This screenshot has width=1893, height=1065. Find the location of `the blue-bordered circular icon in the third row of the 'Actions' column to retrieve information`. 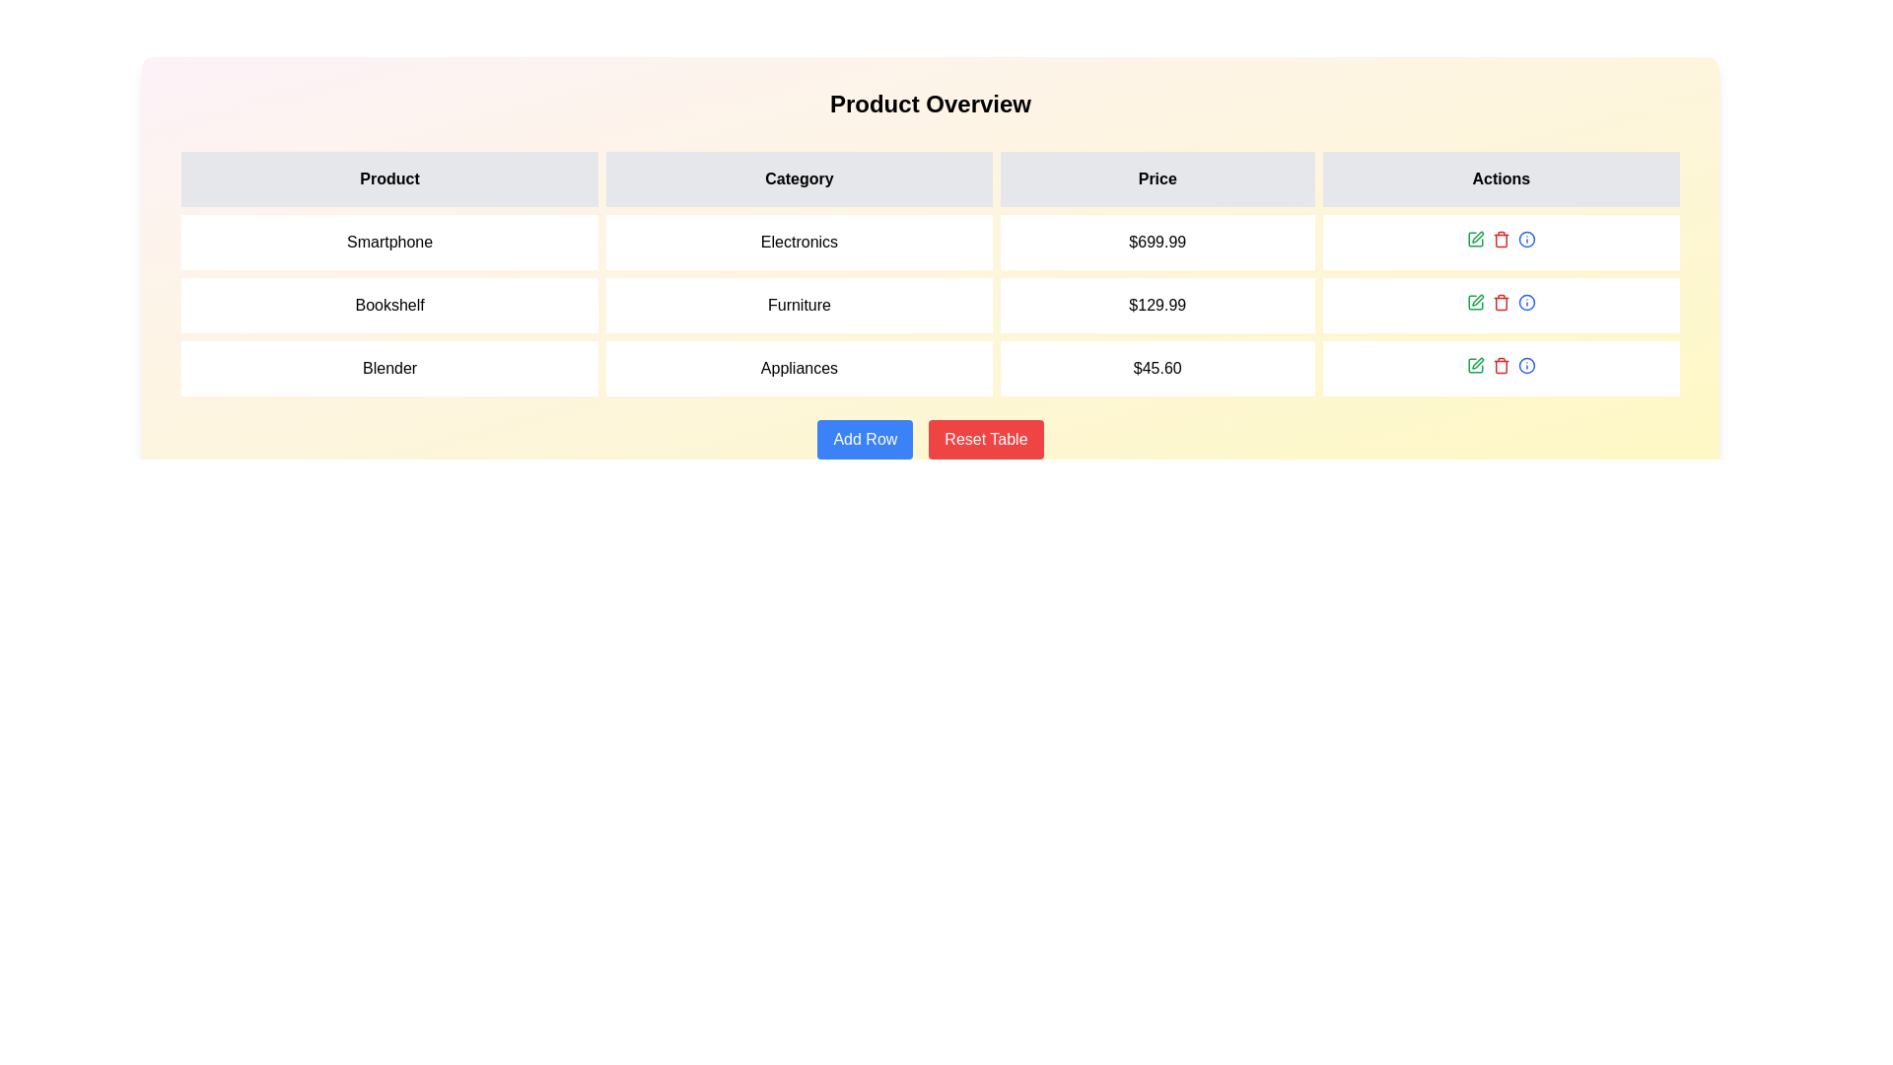

the blue-bordered circular icon in the third row of the 'Actions' column to retrieve information is located at coordinates (1525, 239).